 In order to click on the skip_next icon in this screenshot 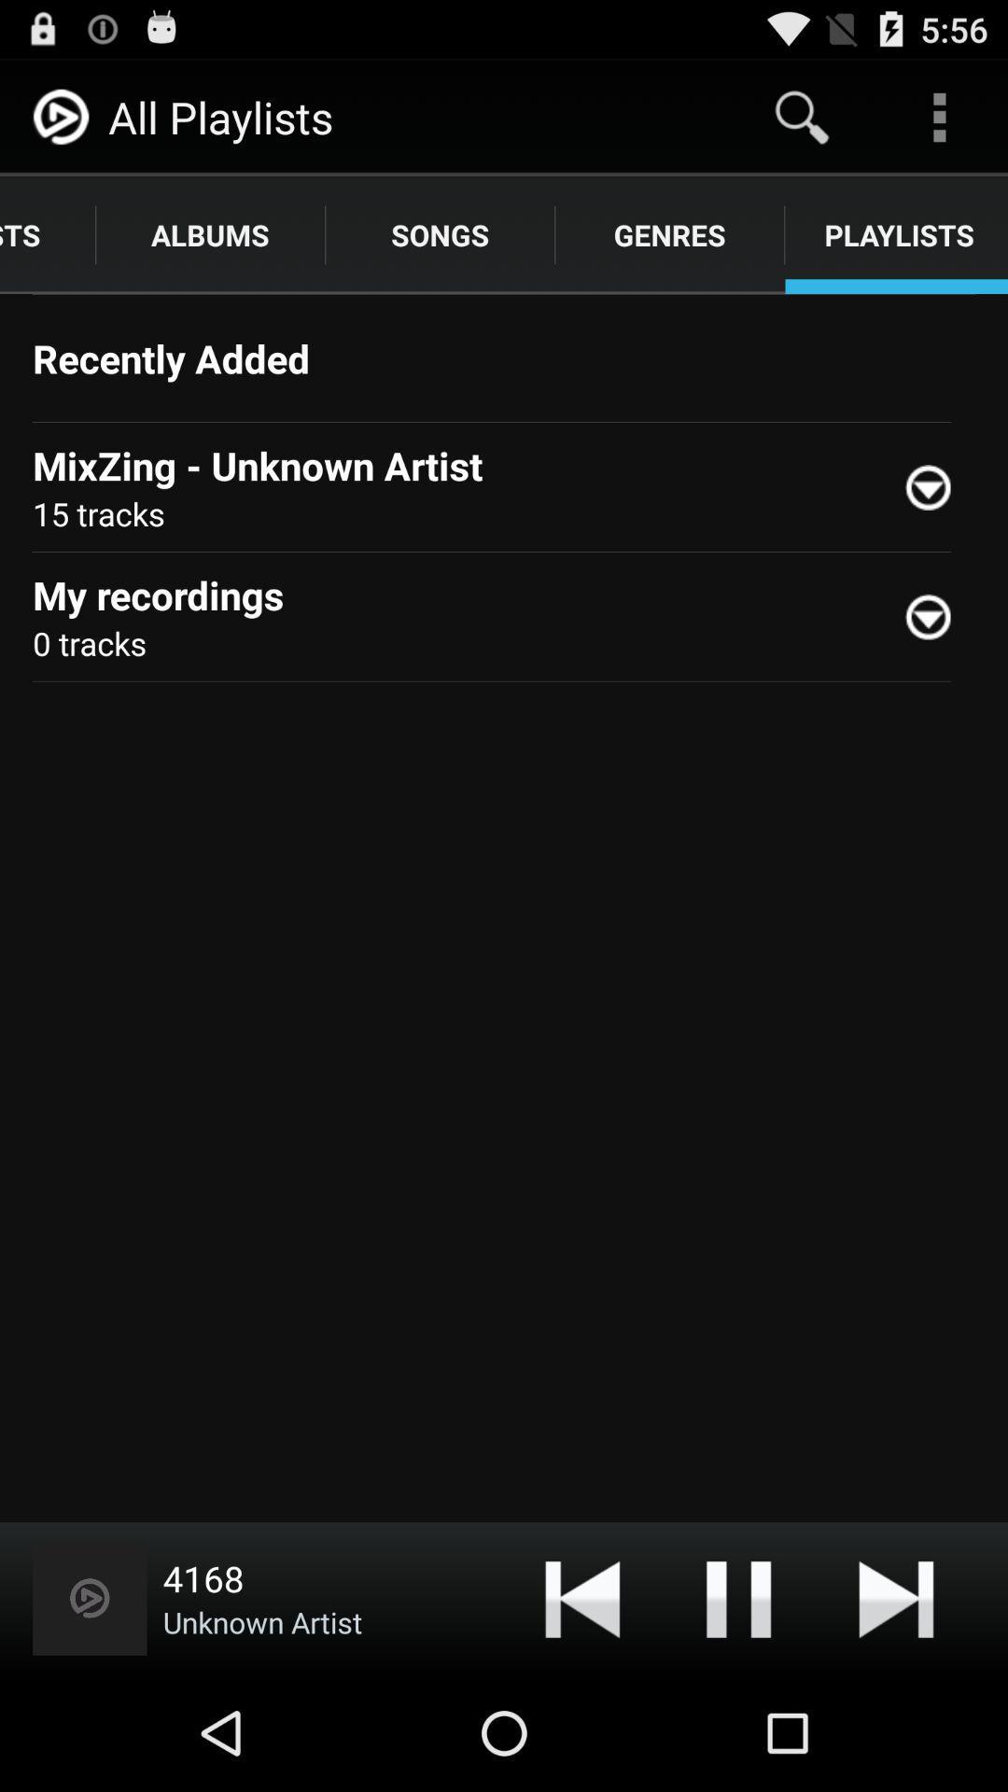, I will do `click(895, 1710)`.